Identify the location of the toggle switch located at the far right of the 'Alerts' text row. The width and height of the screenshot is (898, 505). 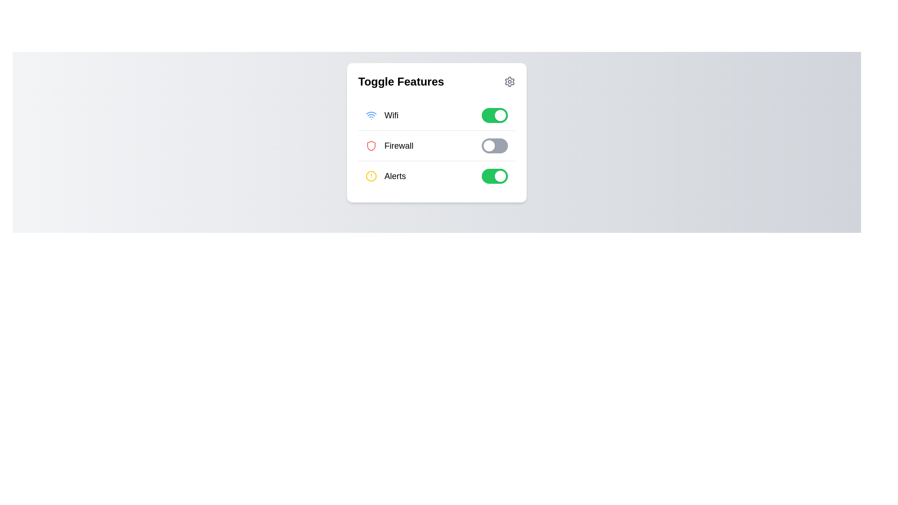
(494, 176).